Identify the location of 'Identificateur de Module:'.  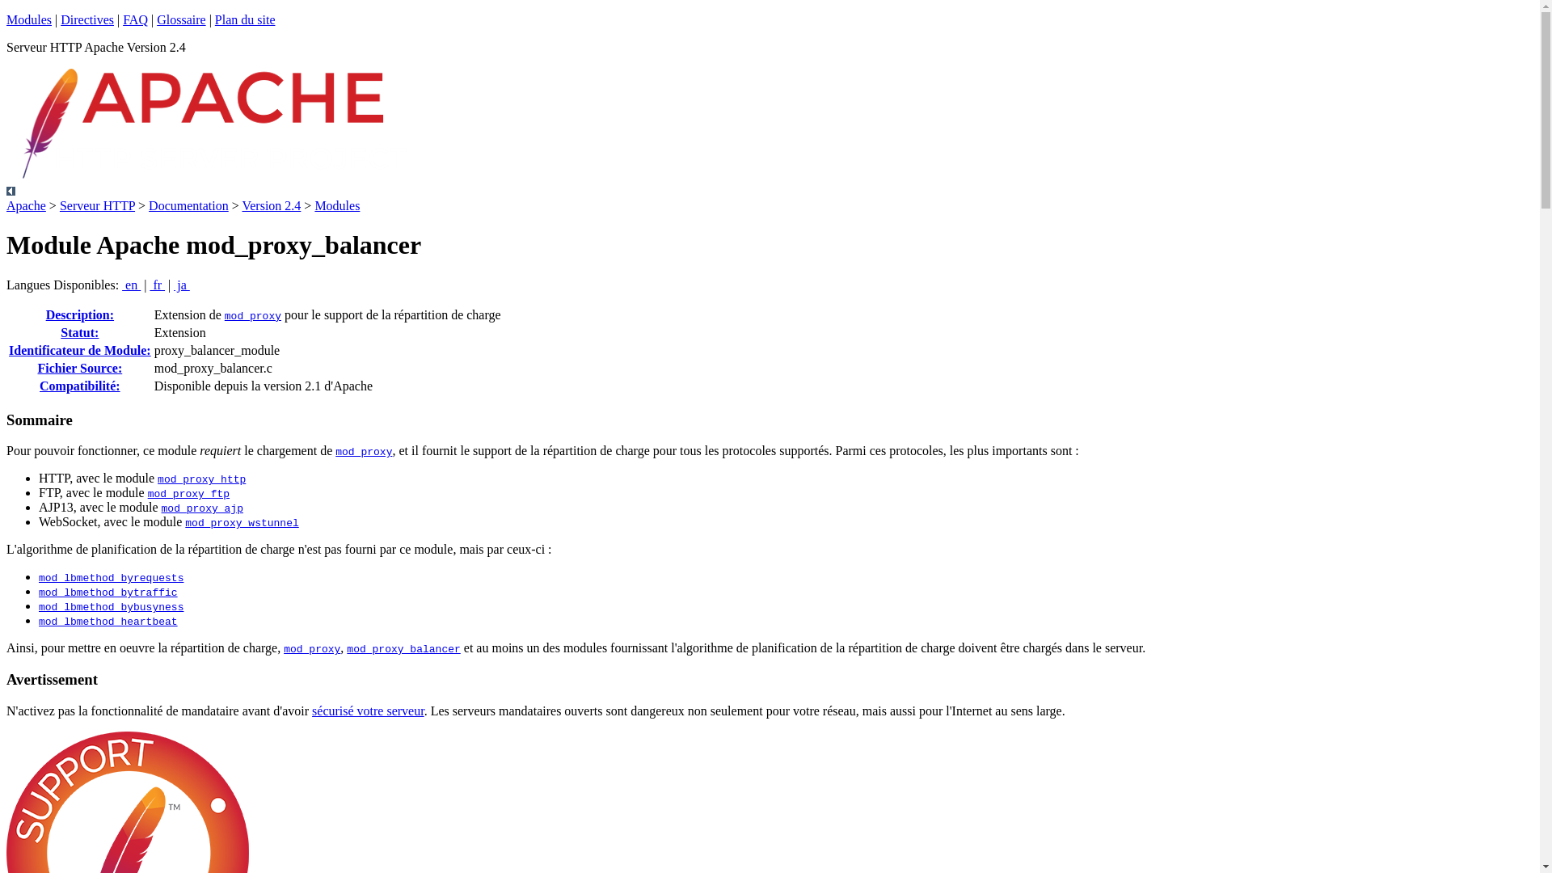
(79, 349).